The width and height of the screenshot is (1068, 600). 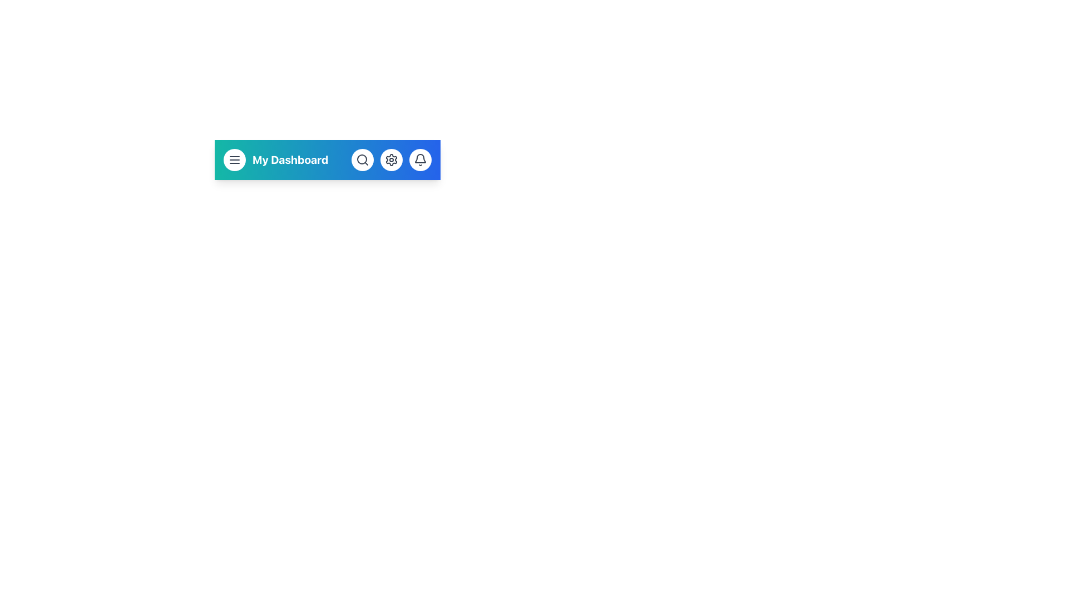 I want to click on the search button, which is the first circular icon in the top-level navbar layout, located to the right of the 'My Dashboard' menu label, so click(x=363, y=160).